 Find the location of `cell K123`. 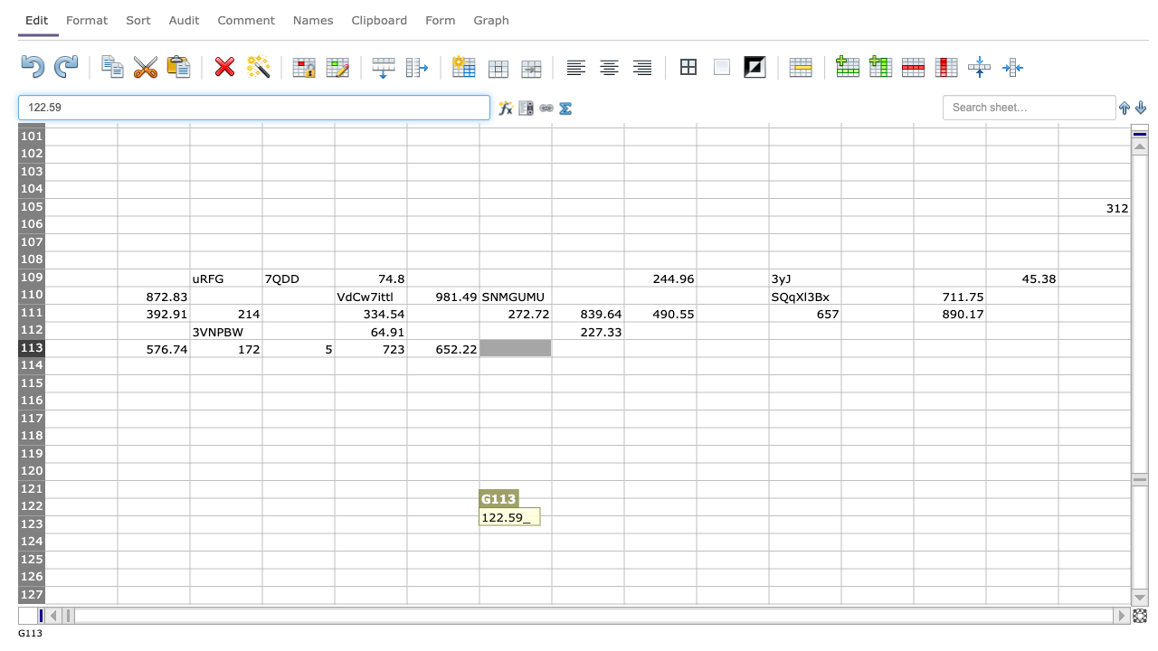

cell K123 is located at coordinates (803, 524).